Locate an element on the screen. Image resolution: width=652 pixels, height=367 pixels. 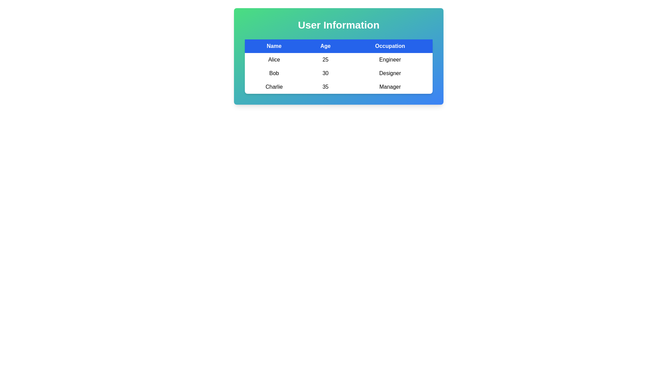
the Text label displaying the name 'Charlie', which is located in the third row of the table under the 'Name' column is located at coordinates (274, 86).